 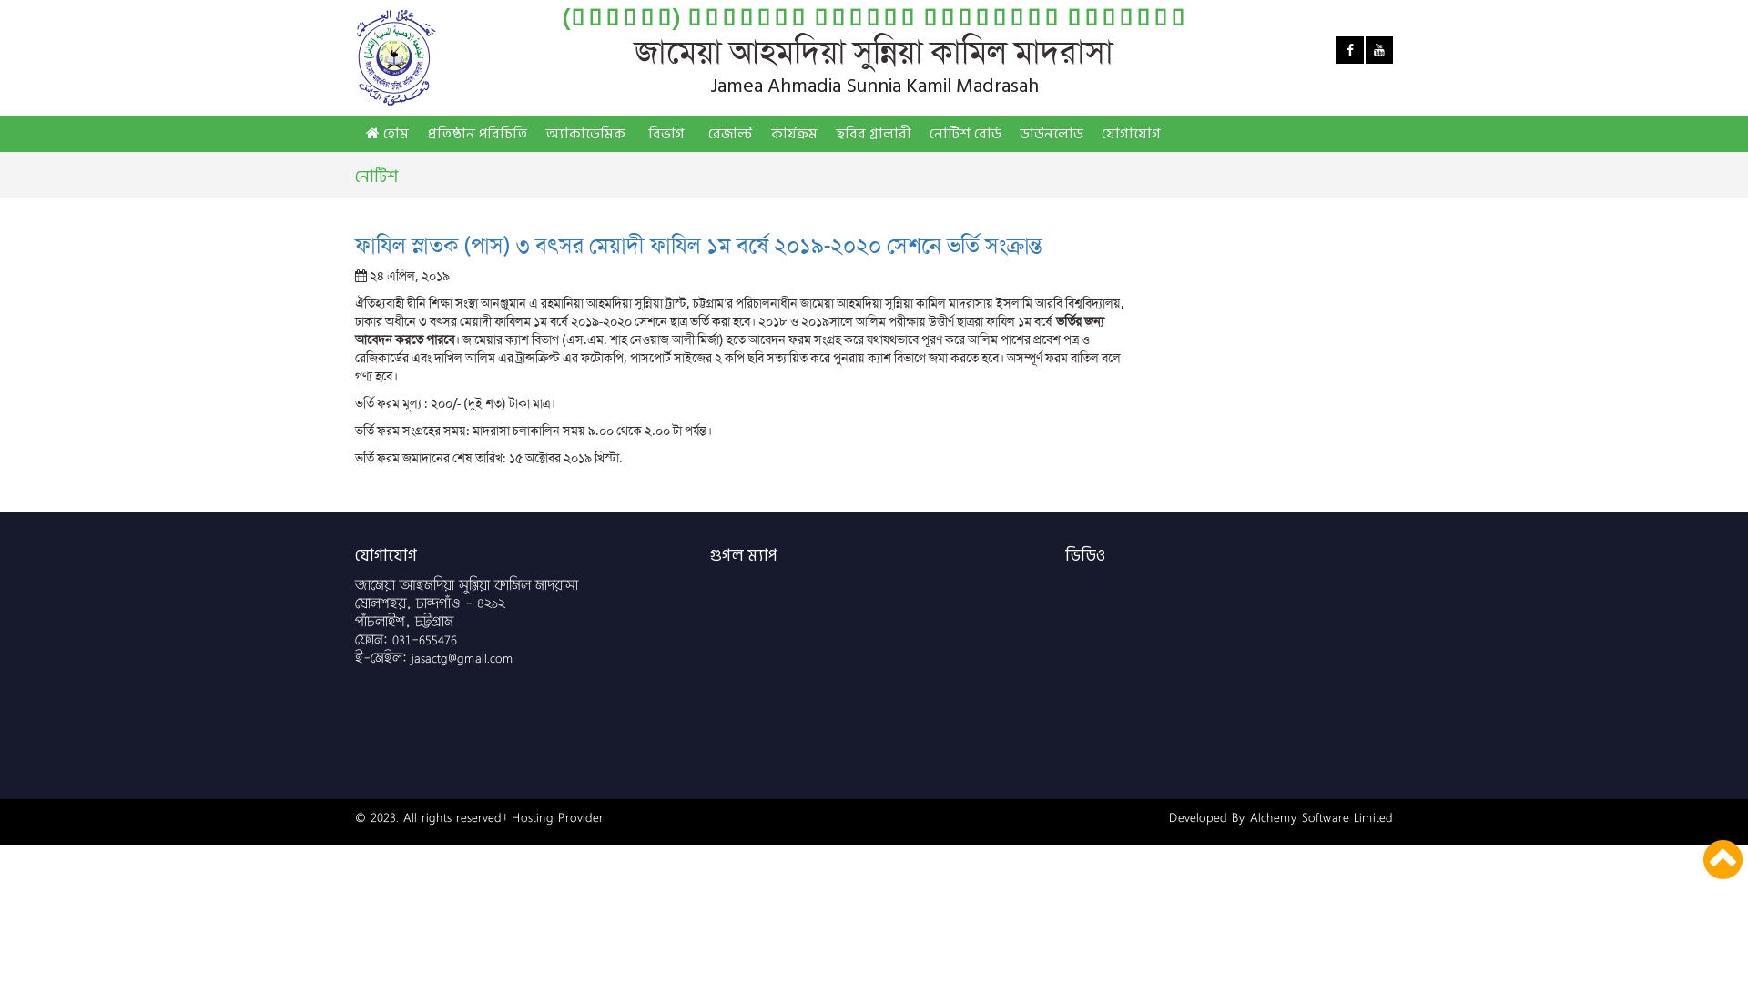 I want to click on 'Hosting Provider', so click(x=556, y=816).